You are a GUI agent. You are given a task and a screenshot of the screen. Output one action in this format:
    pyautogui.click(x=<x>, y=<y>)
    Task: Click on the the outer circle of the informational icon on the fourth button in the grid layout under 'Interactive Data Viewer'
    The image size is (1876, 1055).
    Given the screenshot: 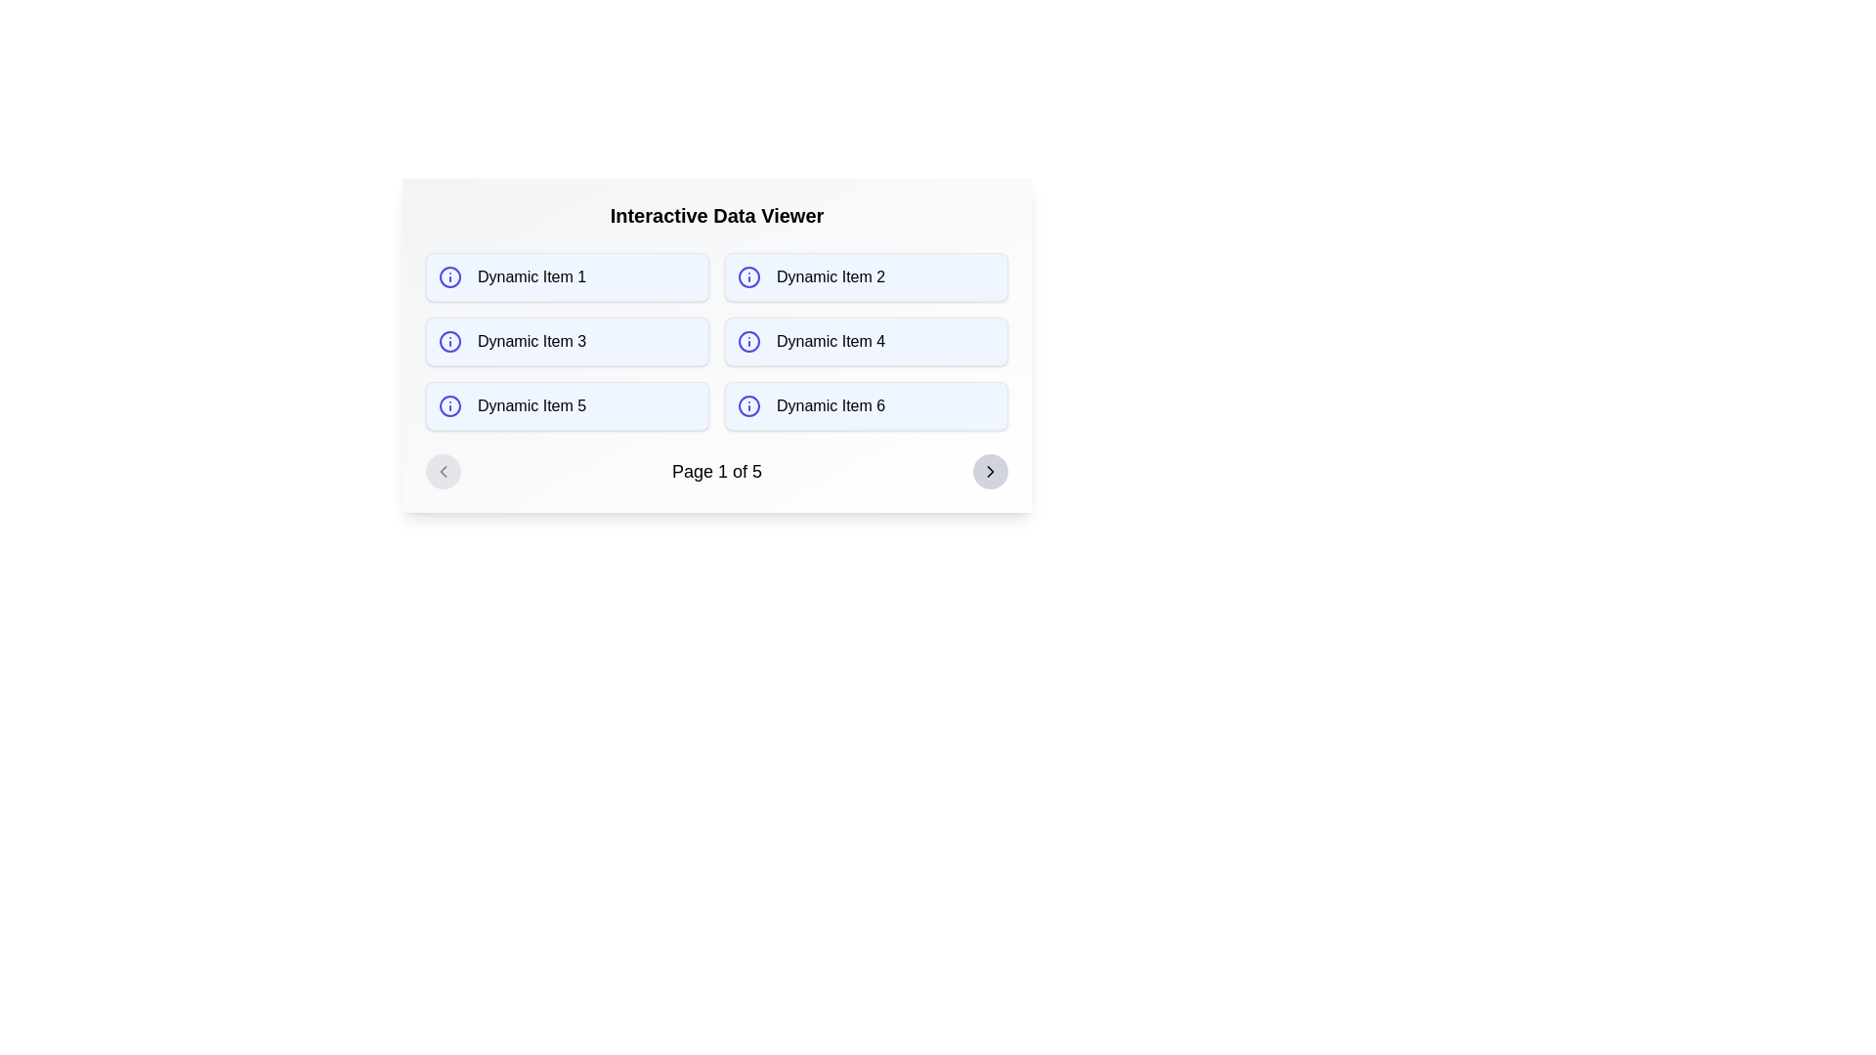 What is the action you would take?
    pyautogui.click(x=748, y=341)
    